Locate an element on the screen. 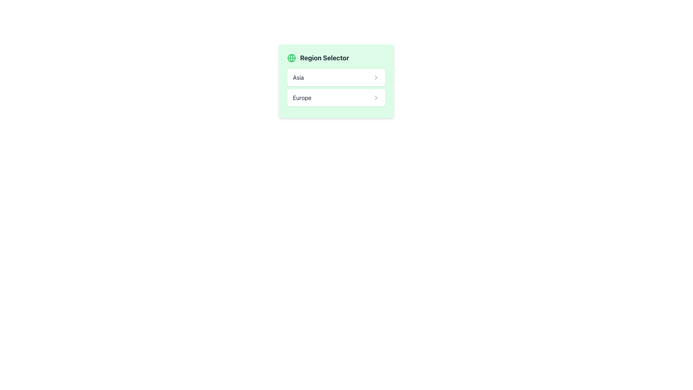  the chevron right icon is located at coordinates (375, 97).